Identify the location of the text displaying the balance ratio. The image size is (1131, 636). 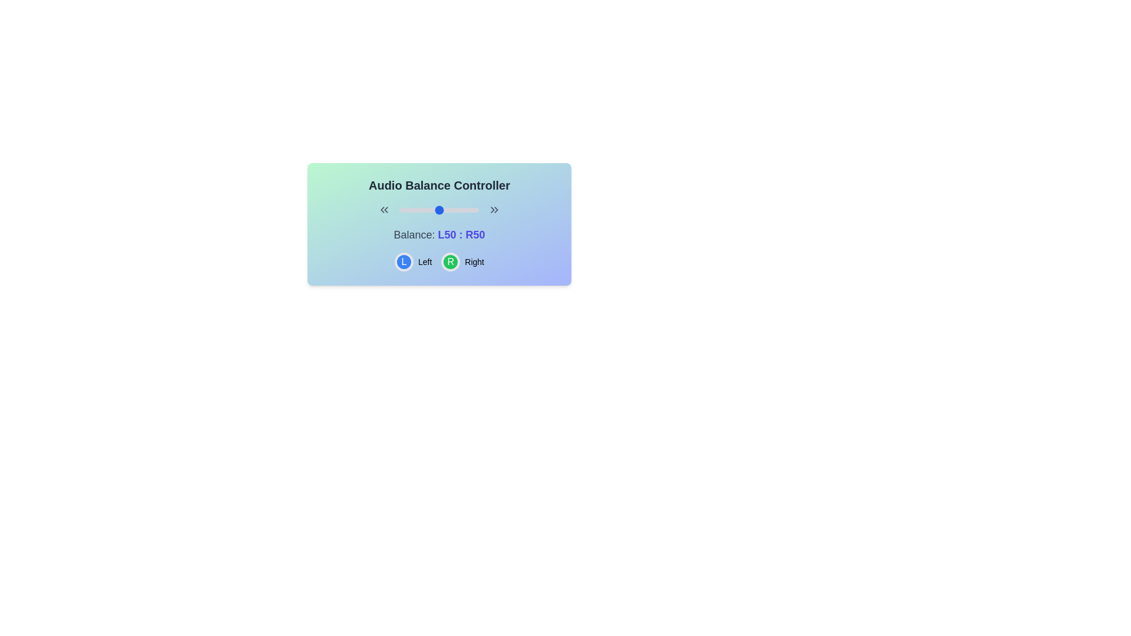
(461, 234).